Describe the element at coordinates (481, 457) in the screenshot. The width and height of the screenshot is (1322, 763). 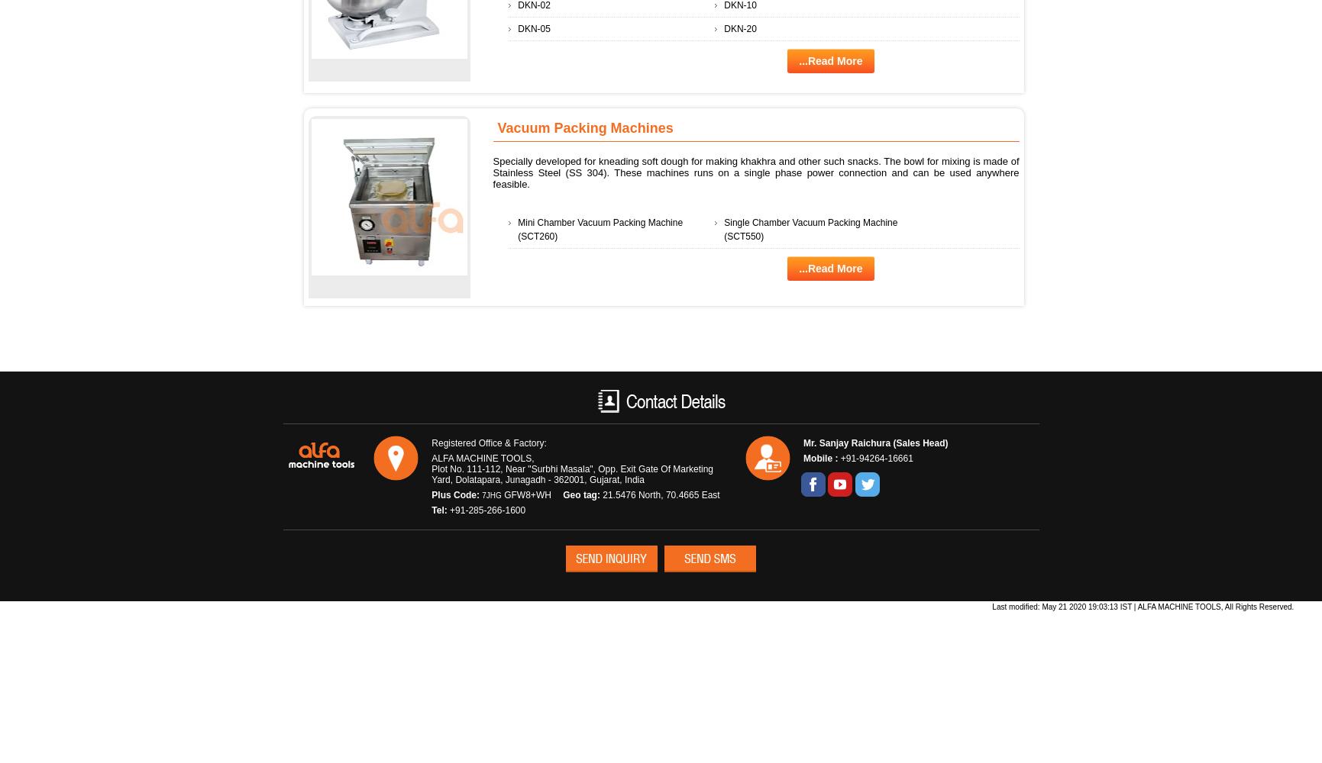
I see `'ALFA MACHINE TOOLS,'` at that location.